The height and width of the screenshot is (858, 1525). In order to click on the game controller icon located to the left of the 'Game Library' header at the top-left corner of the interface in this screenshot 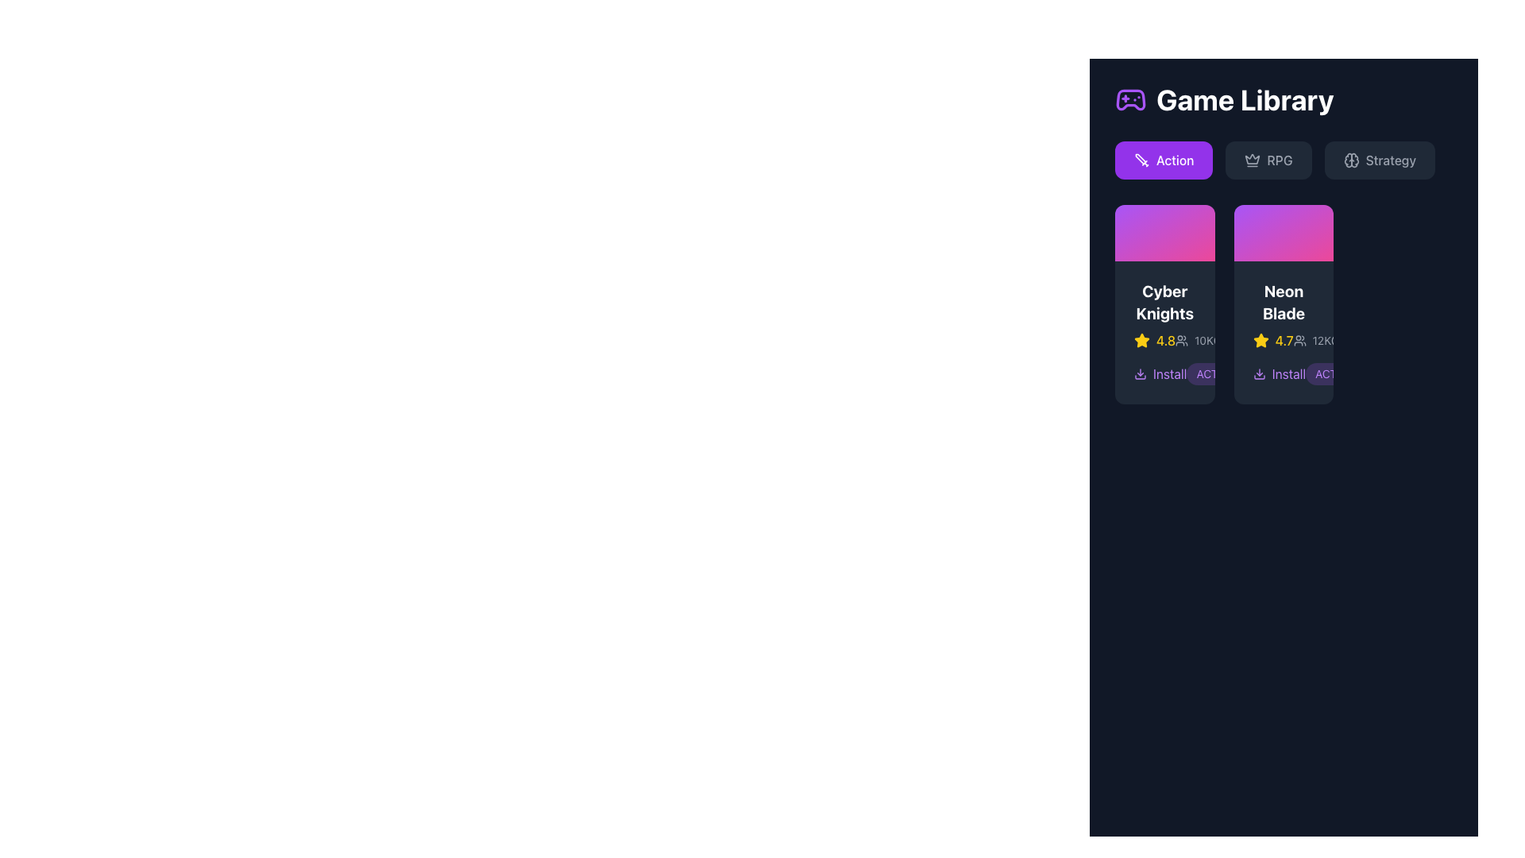, I will do `click(1130, 100)`.